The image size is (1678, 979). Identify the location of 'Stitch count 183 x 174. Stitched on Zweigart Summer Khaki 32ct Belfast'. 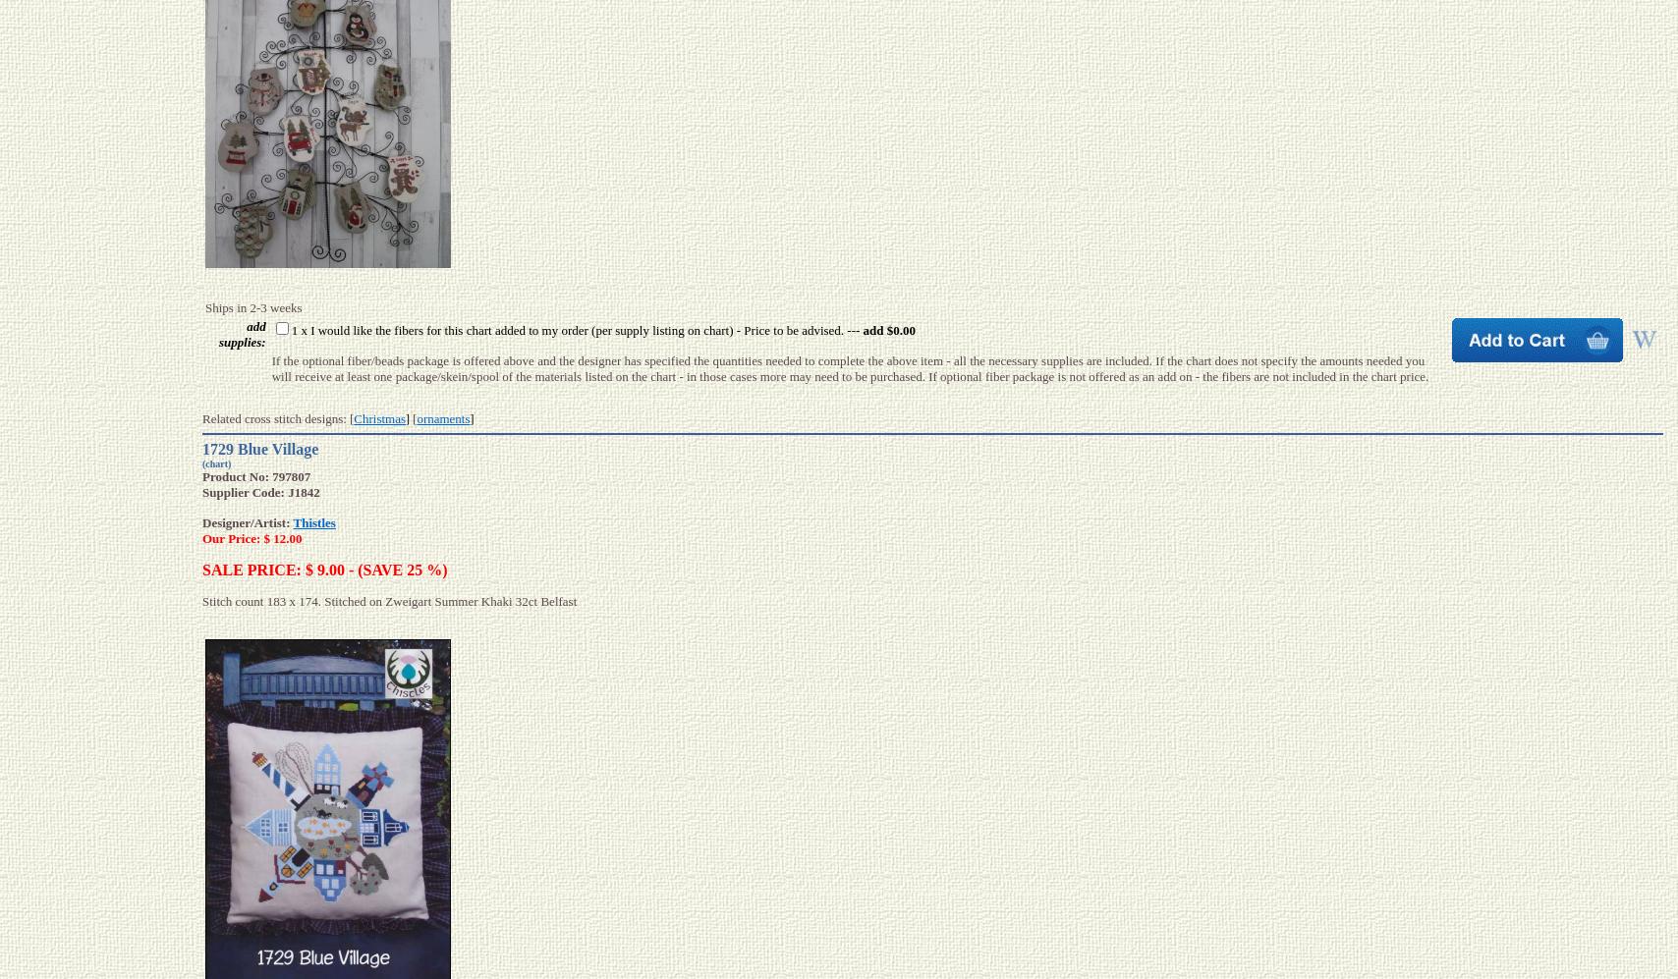
(389, 600).